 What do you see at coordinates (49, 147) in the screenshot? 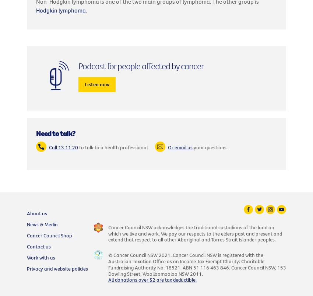
I see `'Call 13 11 20'` at bounding box center [49, 147].